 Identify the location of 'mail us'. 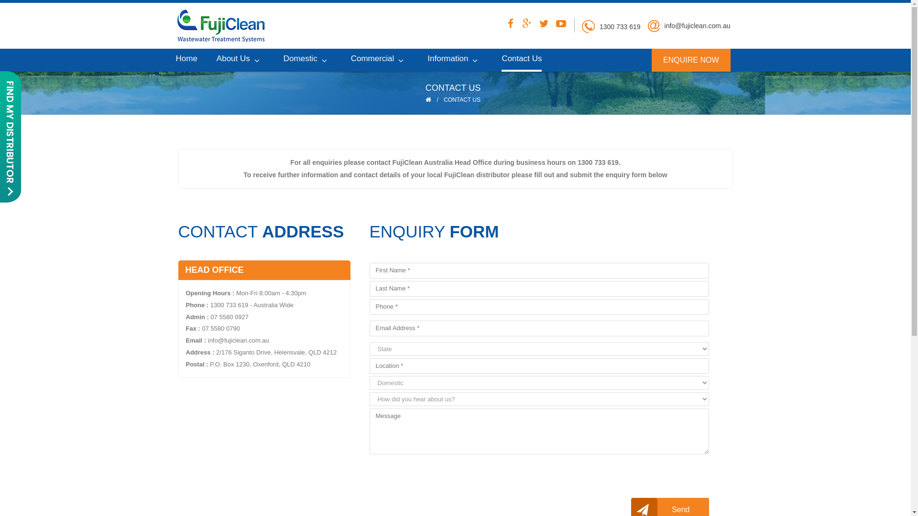
(653, 25).